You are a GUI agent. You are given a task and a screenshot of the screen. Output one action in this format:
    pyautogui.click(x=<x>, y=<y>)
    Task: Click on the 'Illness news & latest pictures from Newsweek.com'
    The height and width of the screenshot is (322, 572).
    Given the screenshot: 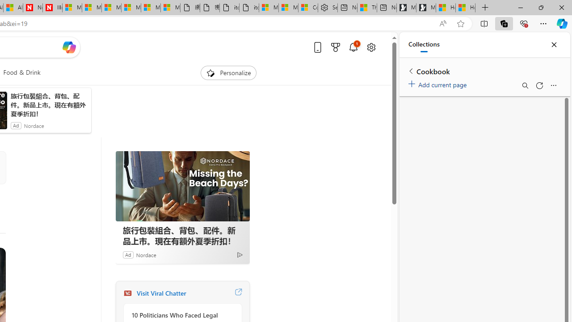 What is the action you would take?
    pyautogui.click(x=52, y=8)
    